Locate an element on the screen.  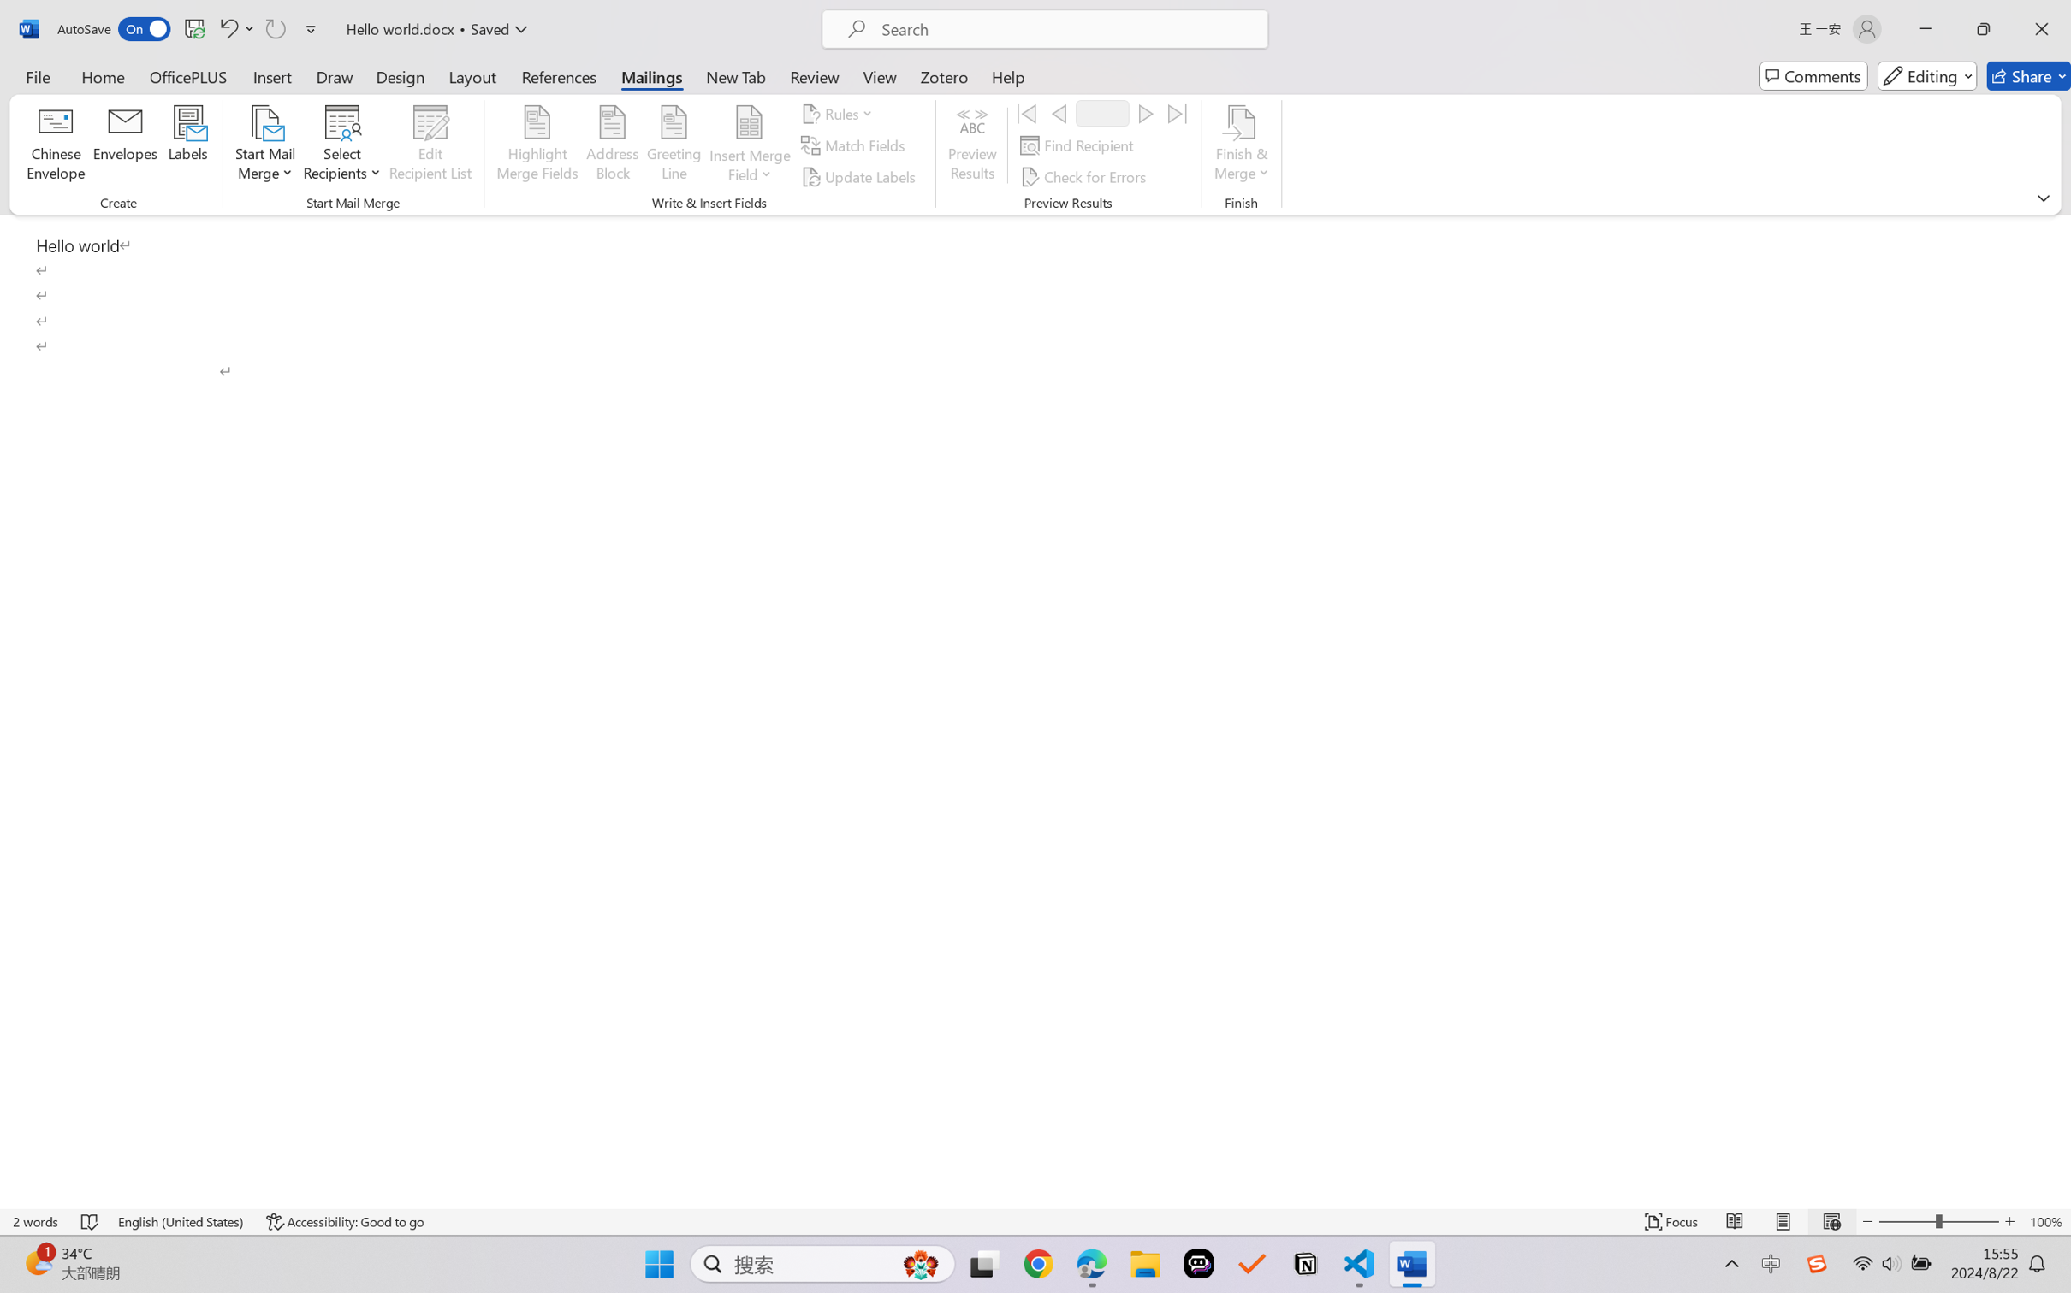
'Word Count 2 words' is located at coordinates (36, 1221).